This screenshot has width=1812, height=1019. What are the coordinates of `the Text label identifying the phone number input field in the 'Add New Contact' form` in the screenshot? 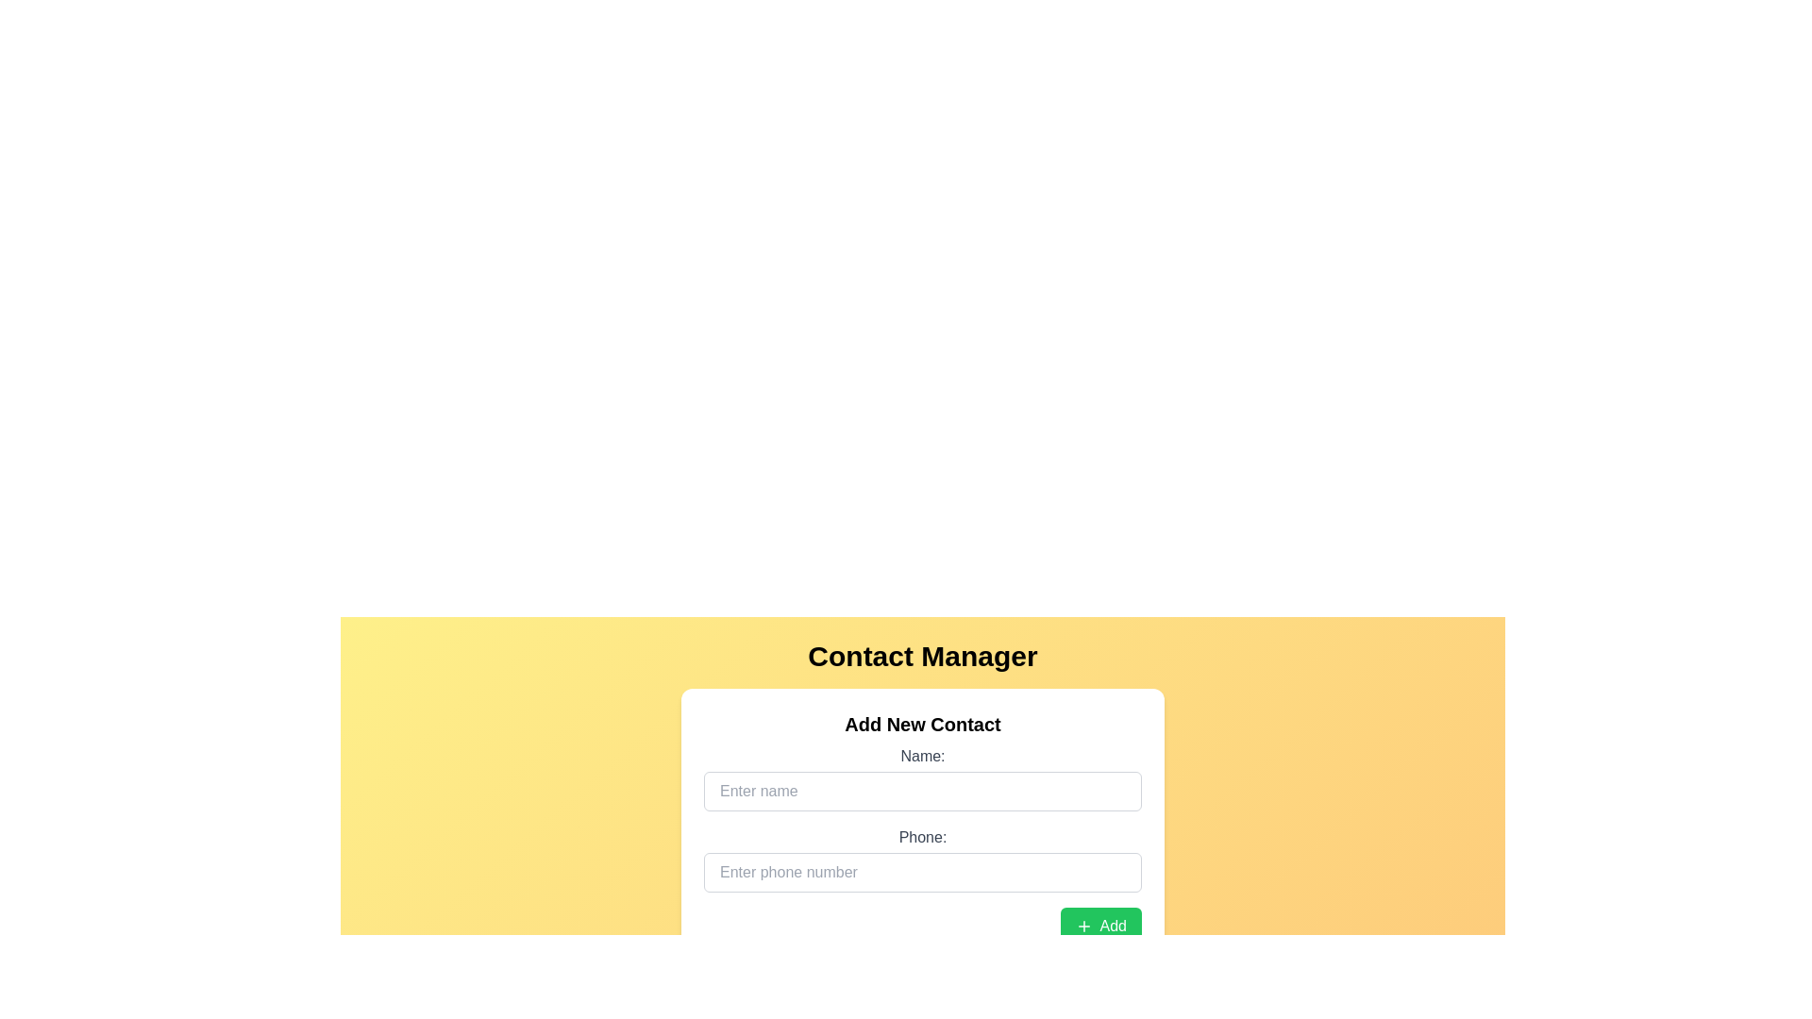 It's located at (923, 836).